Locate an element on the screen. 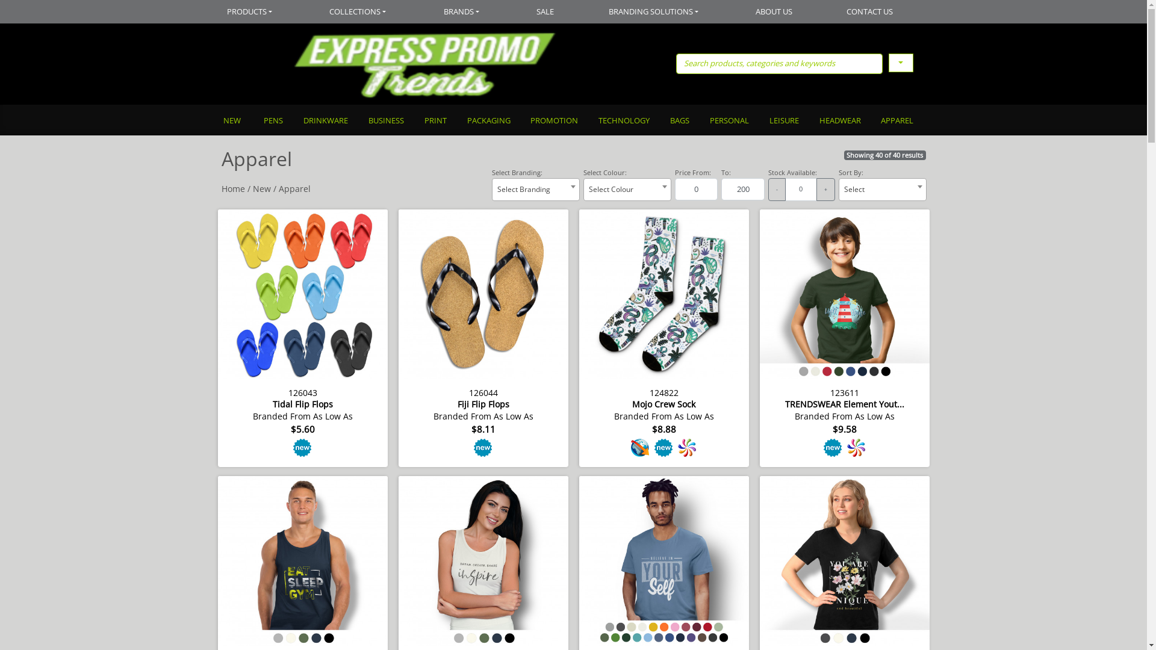  'HEADWEAR' is located at coordinates (809, 121).